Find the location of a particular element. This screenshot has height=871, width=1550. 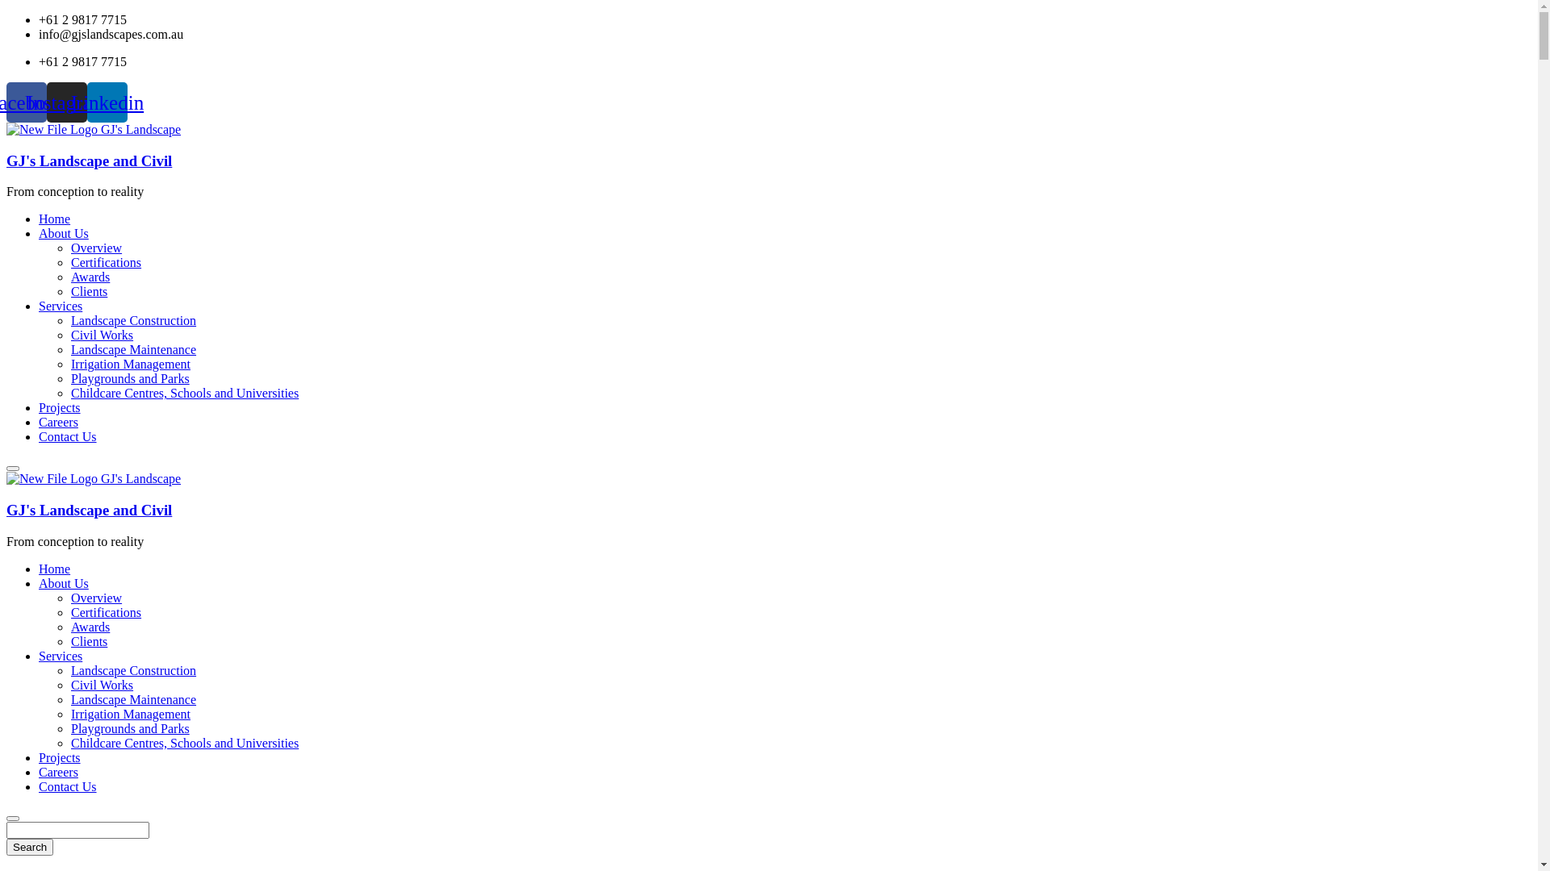

'Contact Us' is located at coordinates (66, 786).